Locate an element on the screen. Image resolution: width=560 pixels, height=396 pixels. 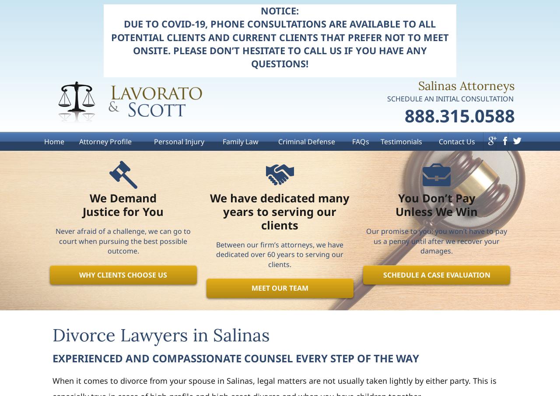
'Attorney Profile' is located at coordinates (105, 153).